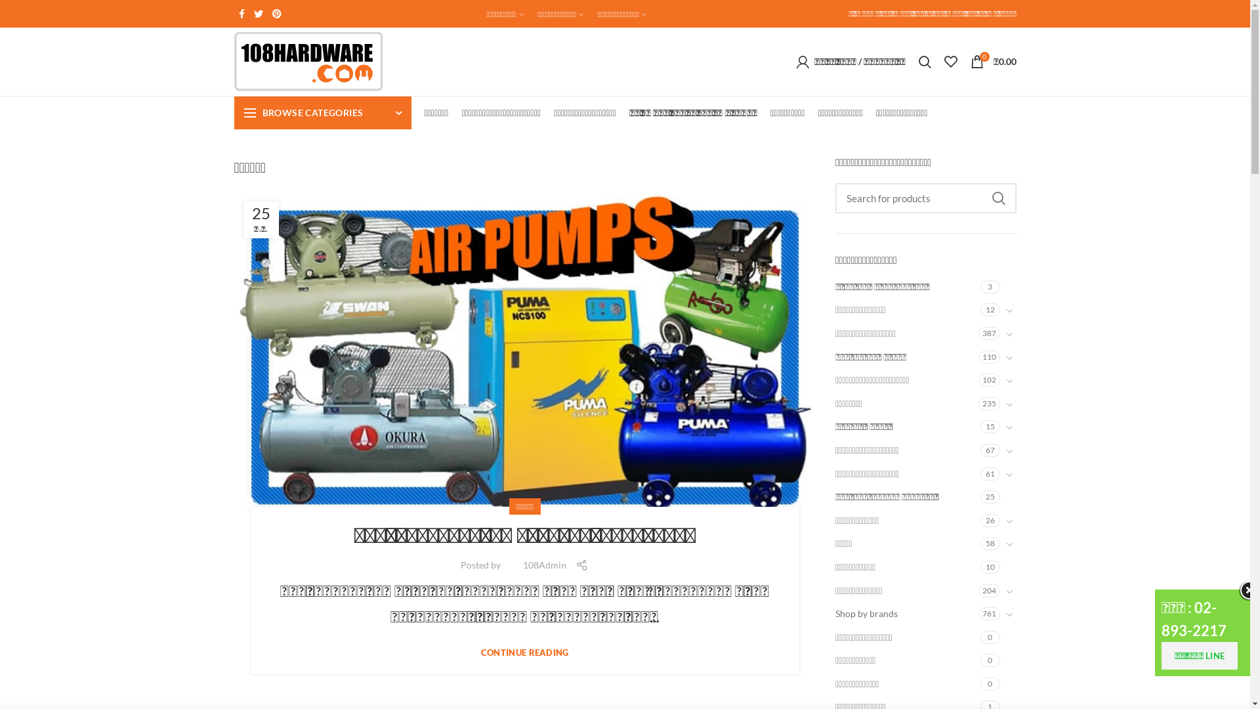 The height and width of the screenshot is (709, 1260). What do you see at coordinates (276, 13) in the screenshot?
I see `'Pinterest'` at bounding box center [276, 13].